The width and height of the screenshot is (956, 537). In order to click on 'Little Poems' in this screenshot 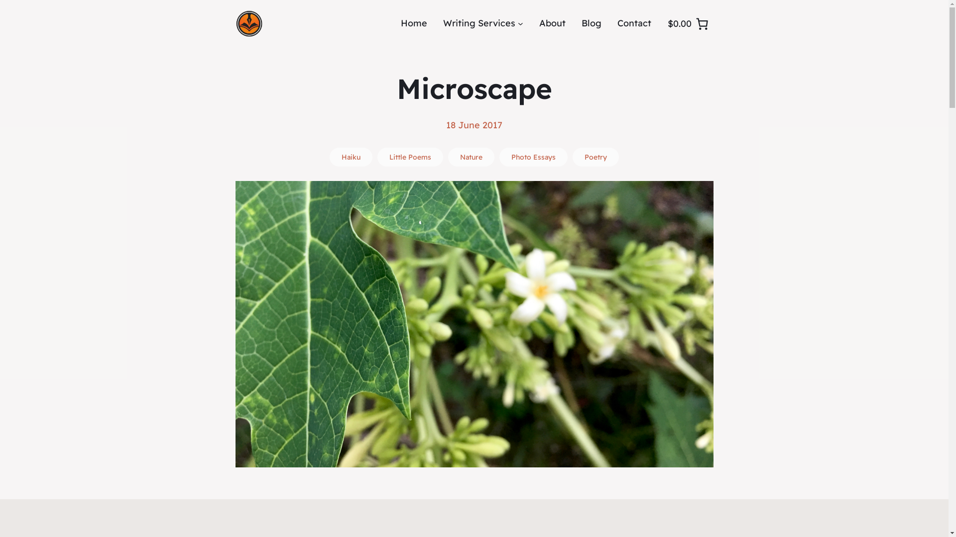, I will do `click(410, 157)`.